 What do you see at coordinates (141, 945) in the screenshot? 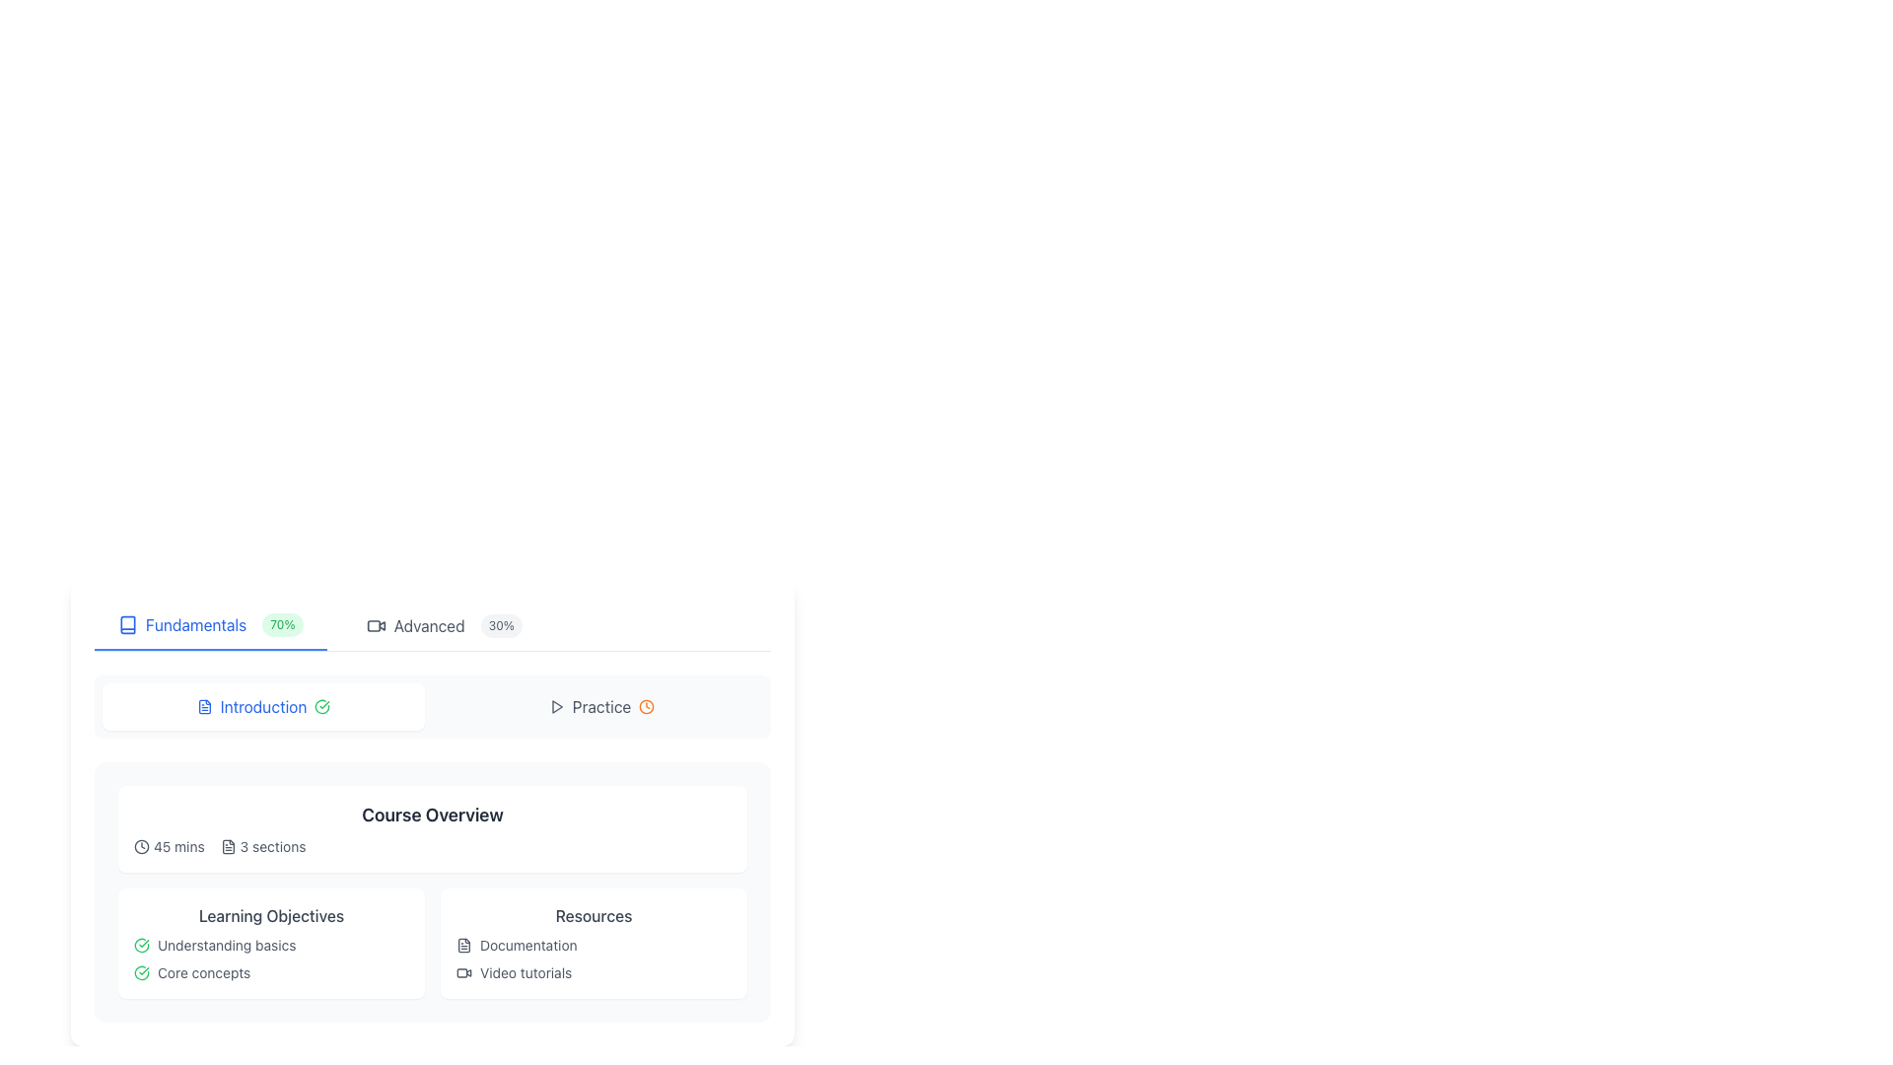
I see `the completion status icon located to the left of the 'Understanding basics' text in the 'Learning Objectives' section of the 'Course Overview'` at bounding box center [141, 945].